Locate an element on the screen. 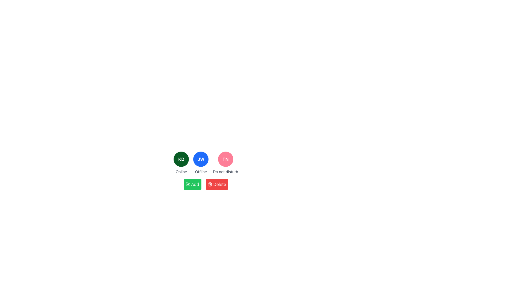 The height and width of the screenshot is (295, 524). the 'Delete' button with a red background and white text is located at coordinates (217, 184).